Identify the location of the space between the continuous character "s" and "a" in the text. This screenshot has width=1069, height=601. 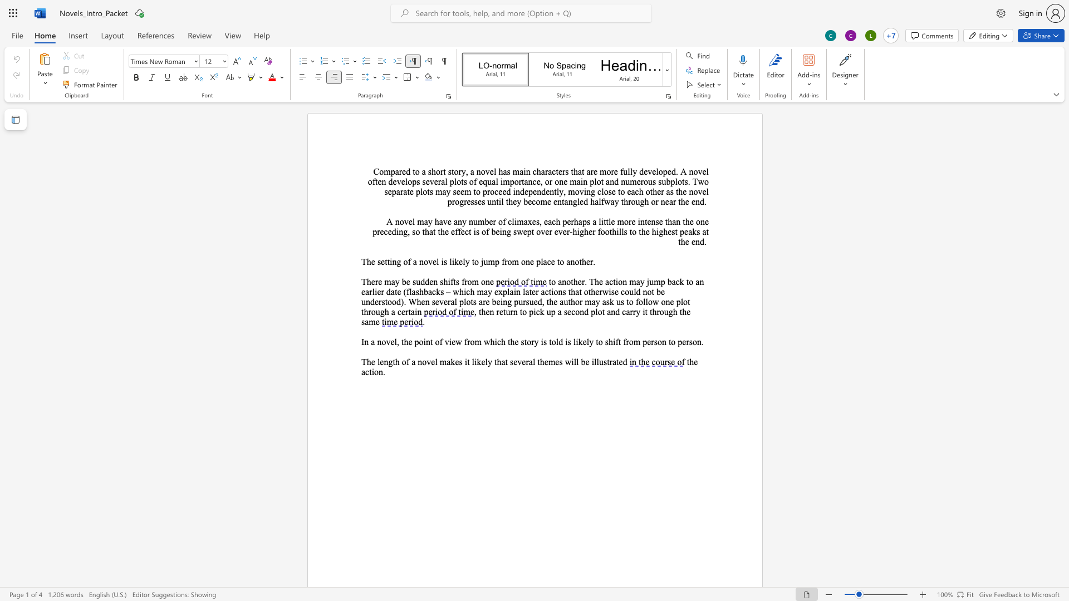
(365, 322).